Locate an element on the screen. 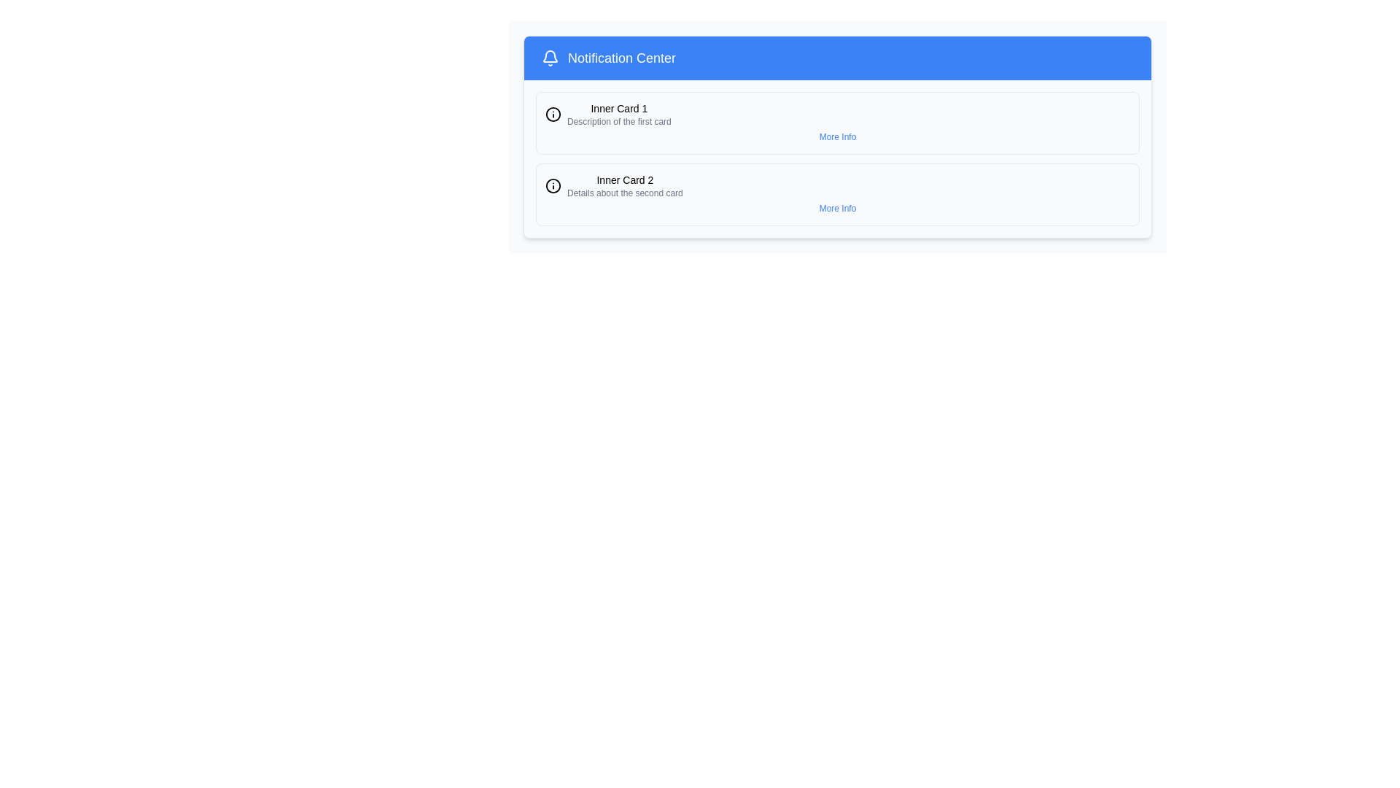 This screenshot has height=788, width=1400. the 'Notification Center' text label, which is styled with a medium-size font on a blue background, located to the right of the bell icon at the top of the interface is located at coordinates (618, 58).